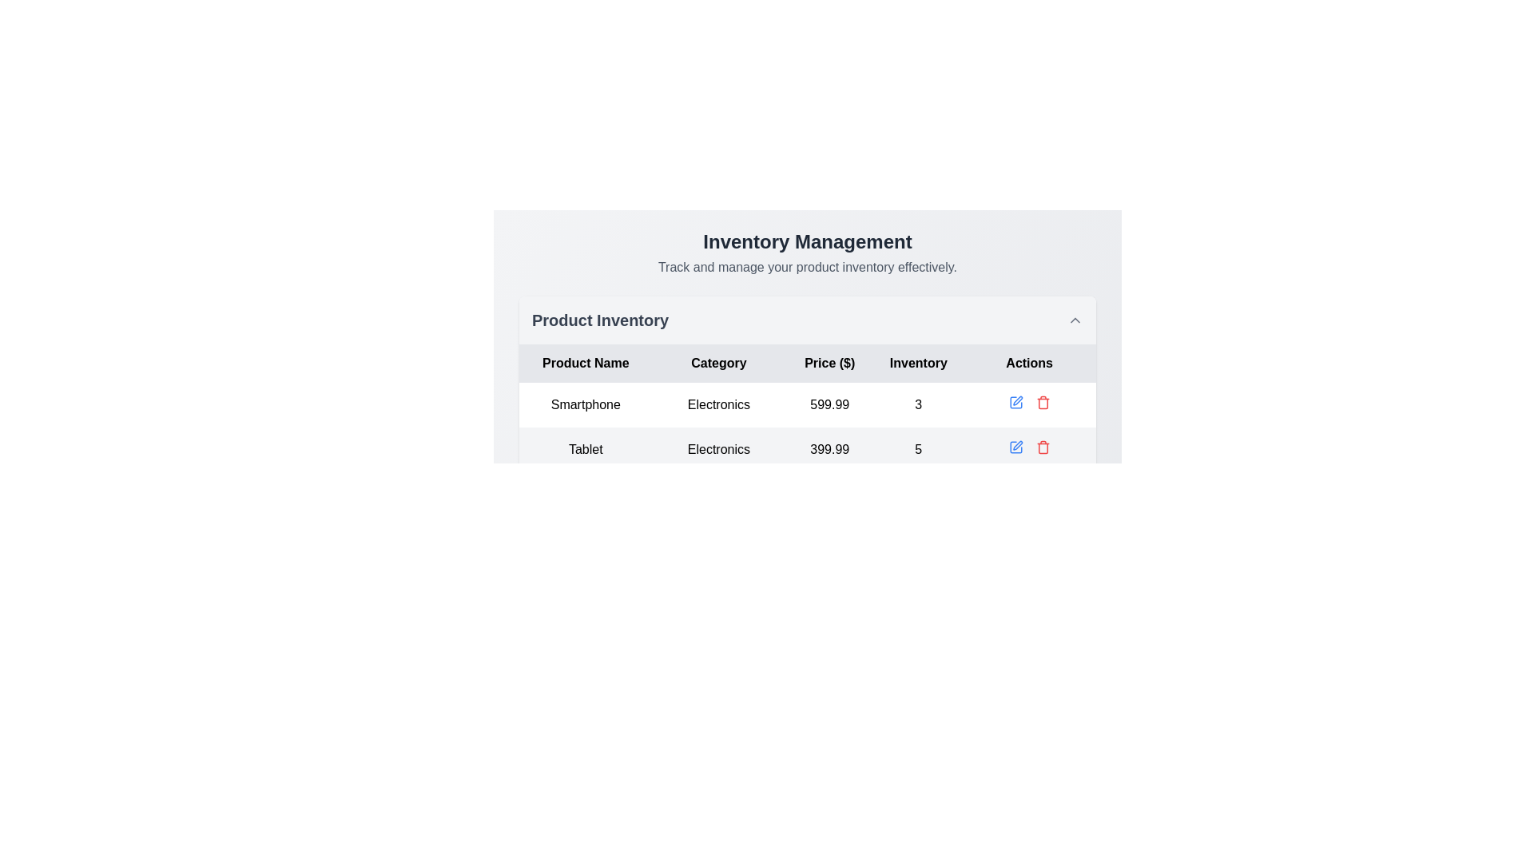 This screenshot has width=1534, height=863. What do you see at coordinates (717, 364) in the screenshot?
I see `the 'Category' label, which is a rectangular label with bold black text on a light gray background, located in the second column of the table header` at bounding box center [717, 364].